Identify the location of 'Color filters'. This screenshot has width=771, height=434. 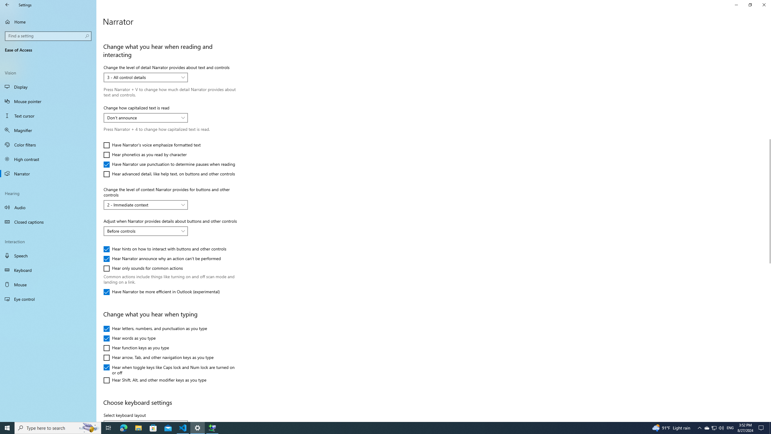
(48, 144).